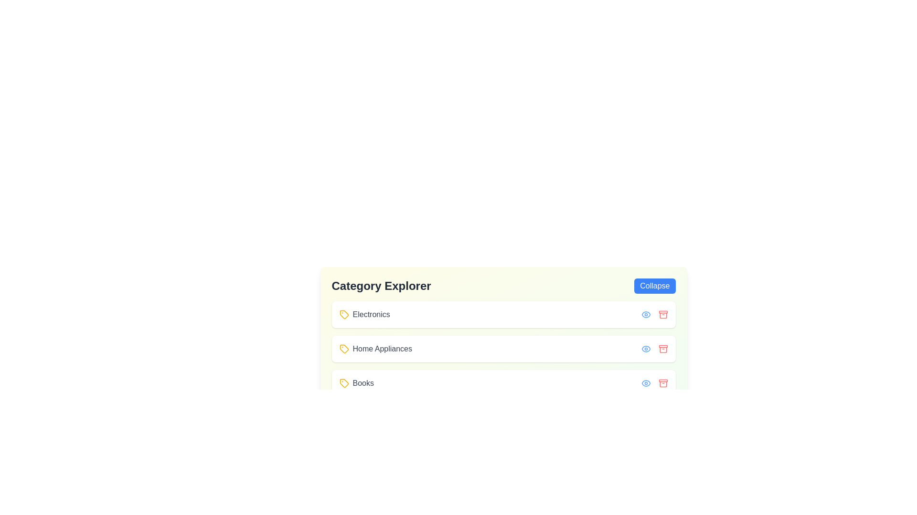 Image resolution: width=917 pixels, height=515 pixels. Describe the element at coordinates (381, 286) in the screenshot. I see `the 'Category Explorer' text label, which serves as a header indicating its purpose in the UI, positioned to the left of the 'Collapse' button` at that location.